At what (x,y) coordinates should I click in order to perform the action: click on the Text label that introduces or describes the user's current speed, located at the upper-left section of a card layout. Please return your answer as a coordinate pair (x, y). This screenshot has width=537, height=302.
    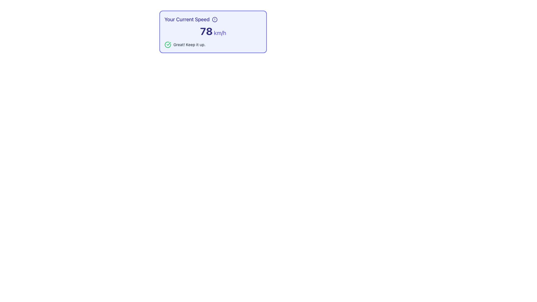
    Looking at the image, I should click on (187, 19).